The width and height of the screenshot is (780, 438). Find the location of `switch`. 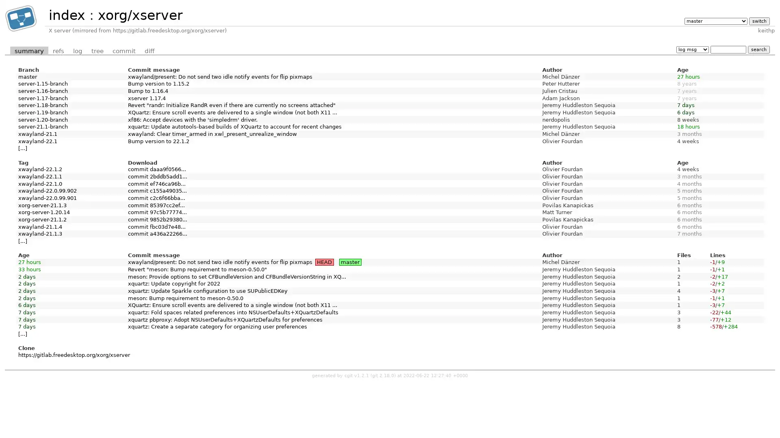

switch is located at coordinates (758, 20).